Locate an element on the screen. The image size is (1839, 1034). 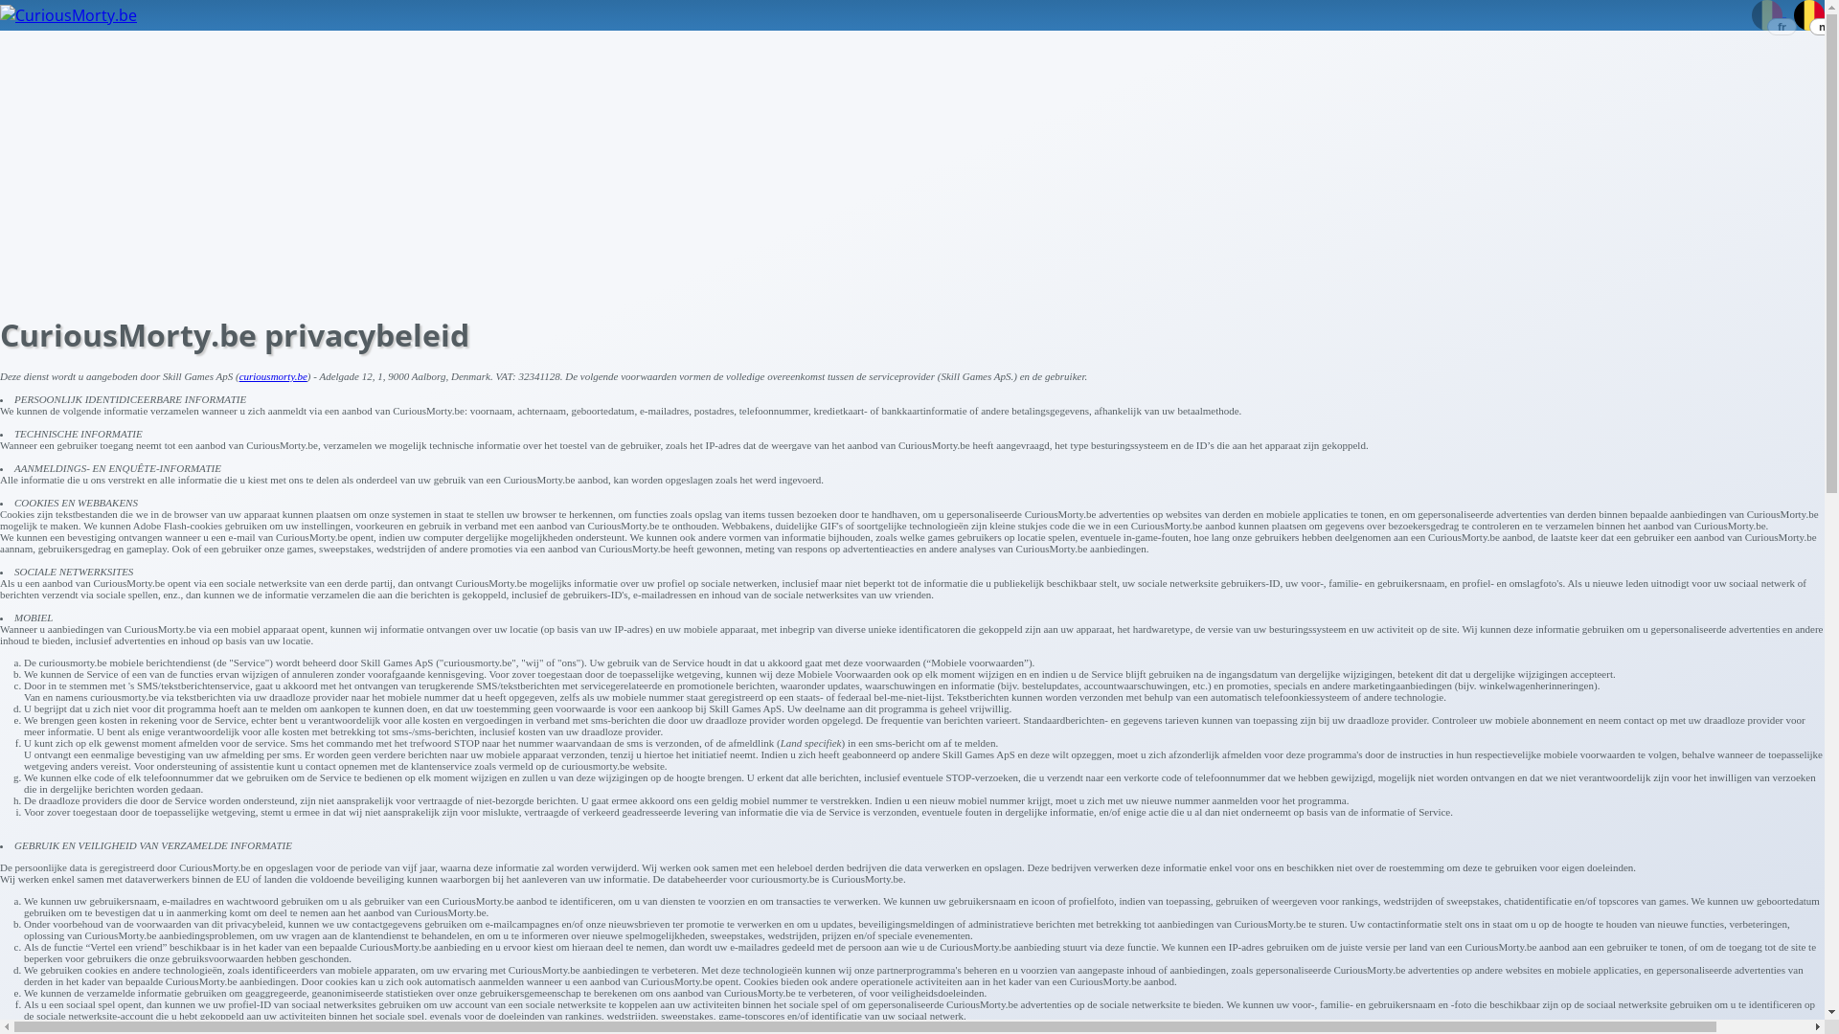
'fr' is located at coordinates (1751, 11).